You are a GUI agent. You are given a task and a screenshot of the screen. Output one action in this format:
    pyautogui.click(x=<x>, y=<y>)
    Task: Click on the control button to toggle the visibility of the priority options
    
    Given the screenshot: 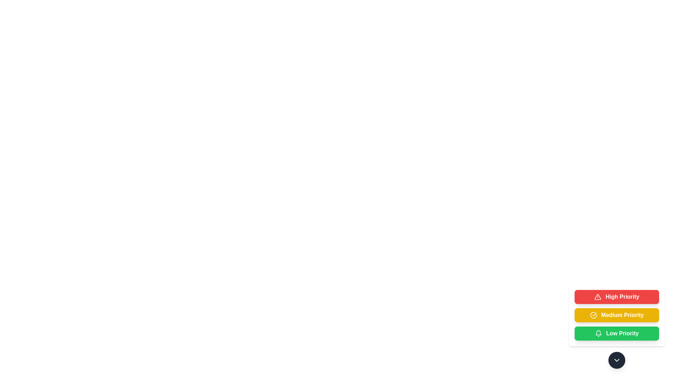 What is the action you would take?
    pyautogui.click(x=616, y=360)
    